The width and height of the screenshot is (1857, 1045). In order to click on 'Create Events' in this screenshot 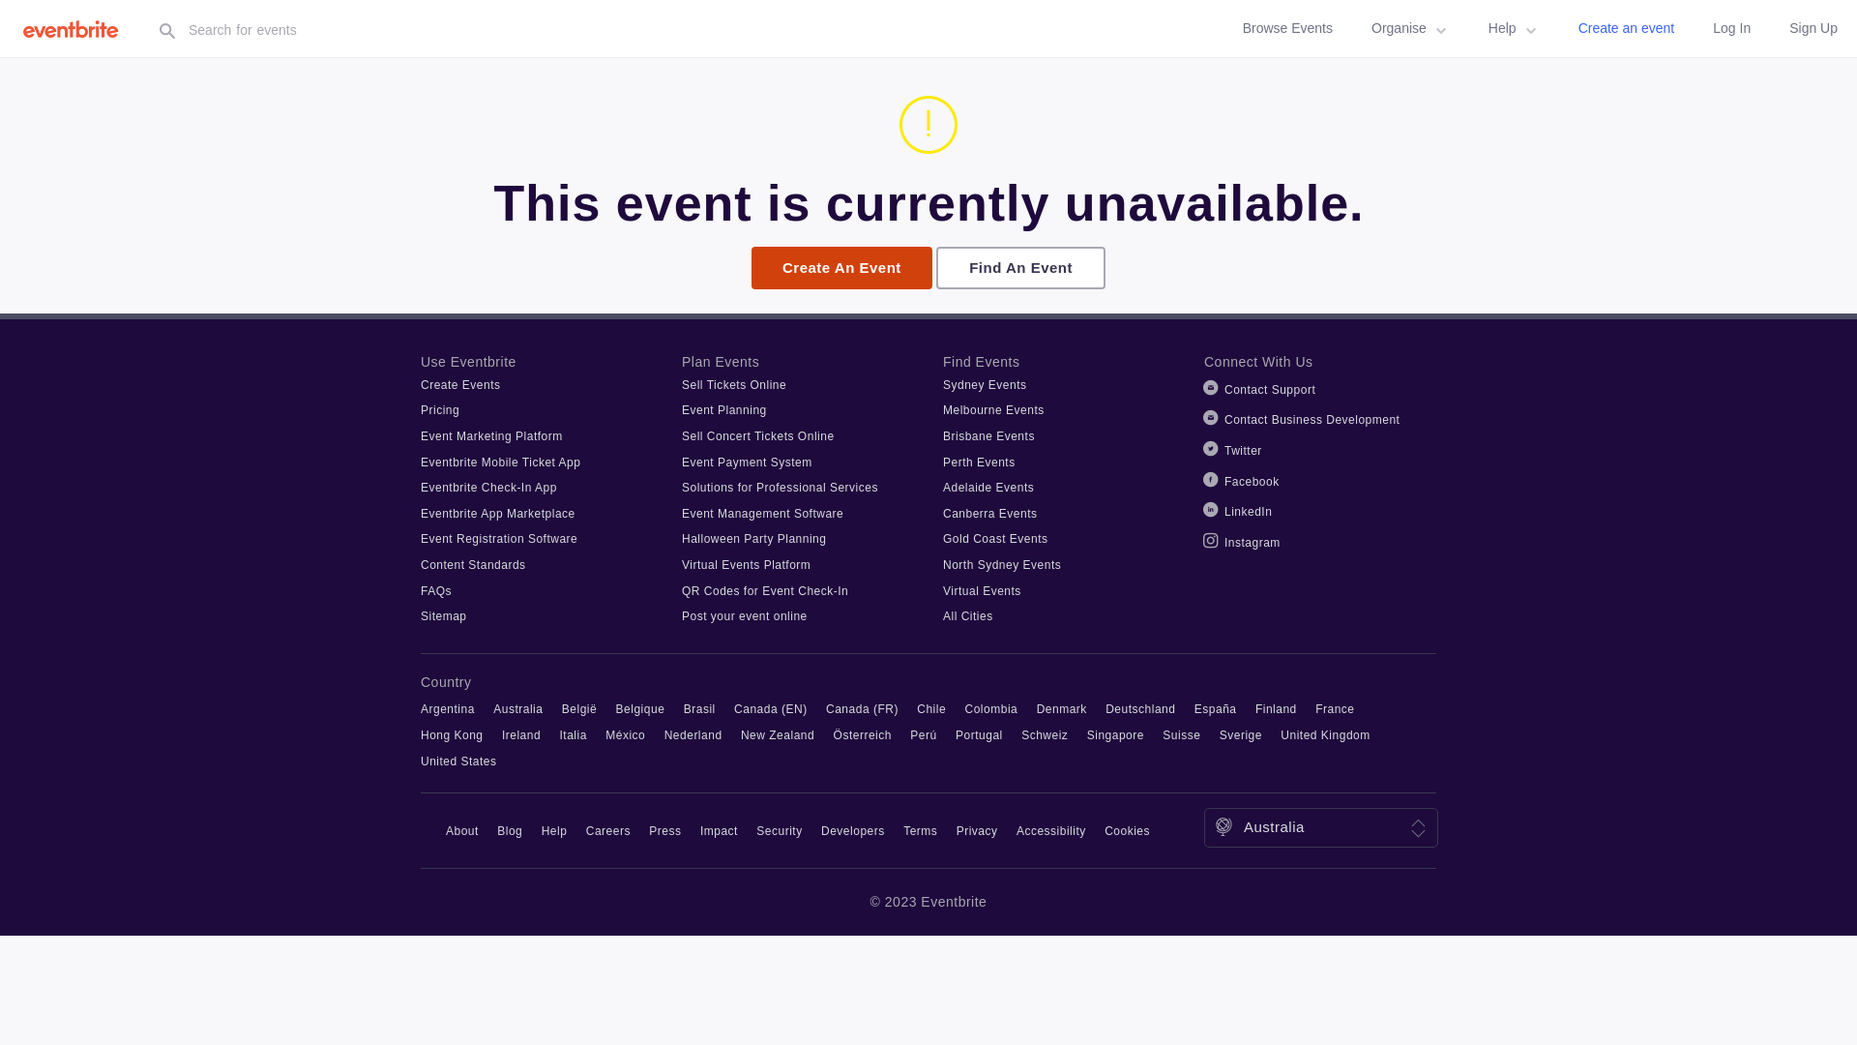, I will do `click(459, 384)`.